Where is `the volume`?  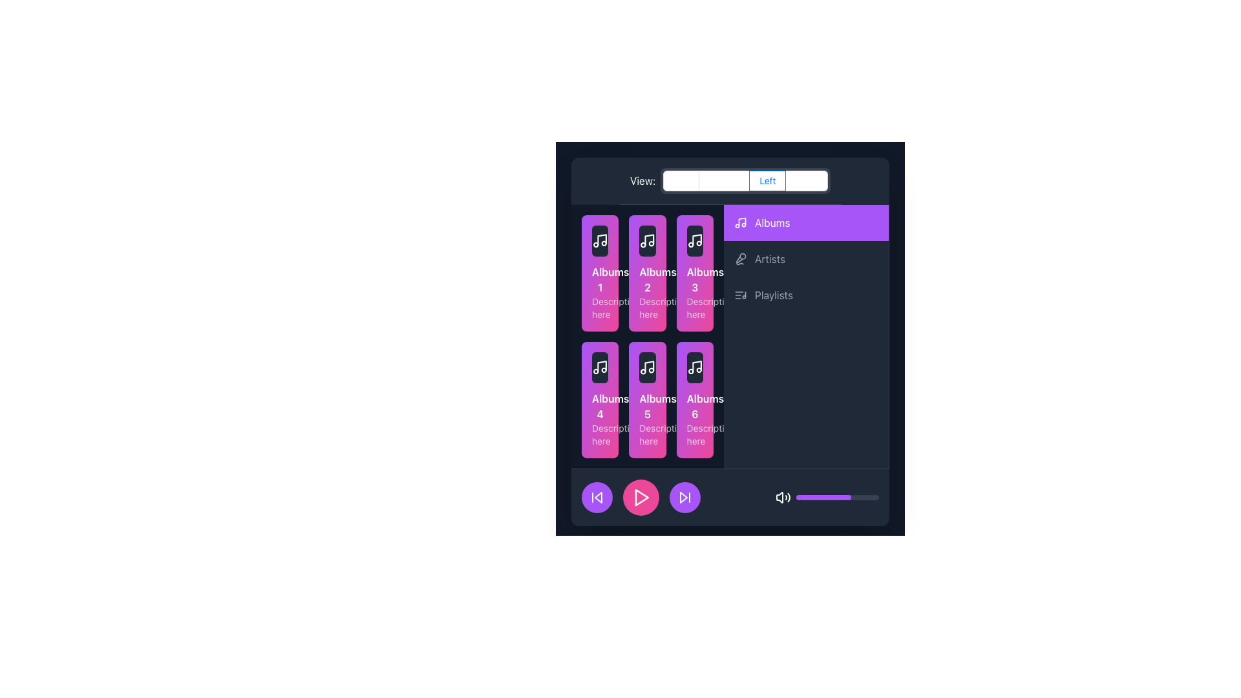
the volume is located at coordinates (802, 497).